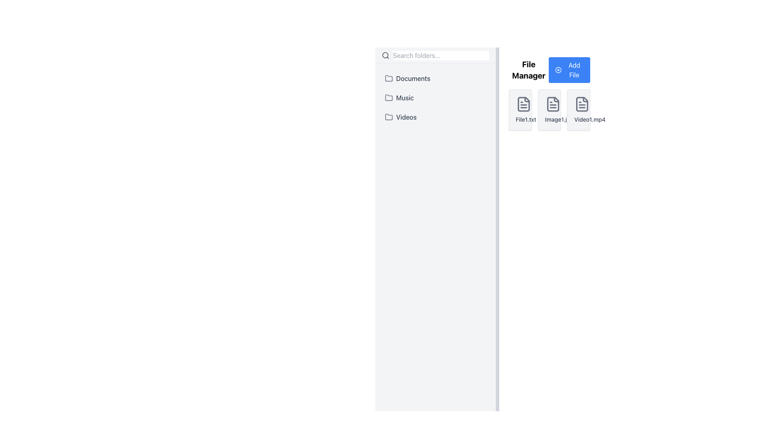  Describe the element at coordinates (389, 116) in the screenshot. I see `the folder icon located` at that location.